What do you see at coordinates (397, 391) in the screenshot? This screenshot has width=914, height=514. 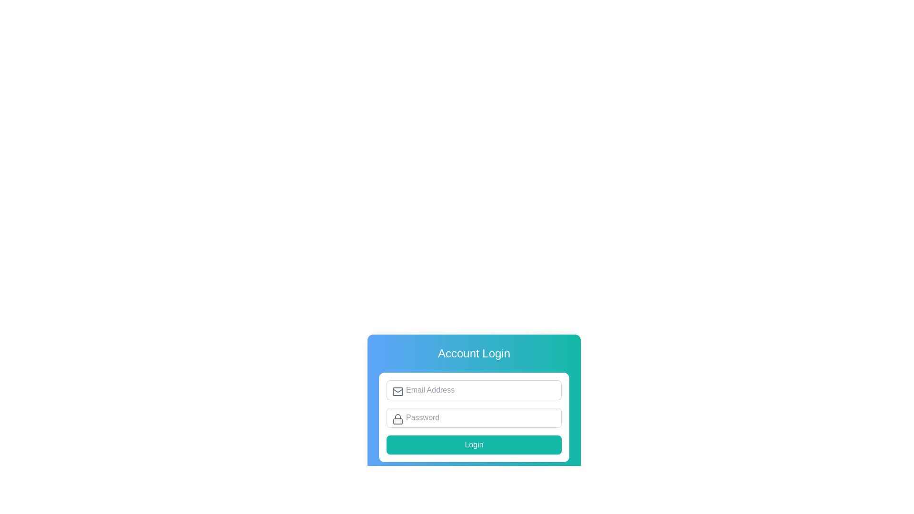 I see `the small gray envelope icon located in the upper-left corner of the email input field, which is slightly inset within the field` at bounding box center [397, 391].